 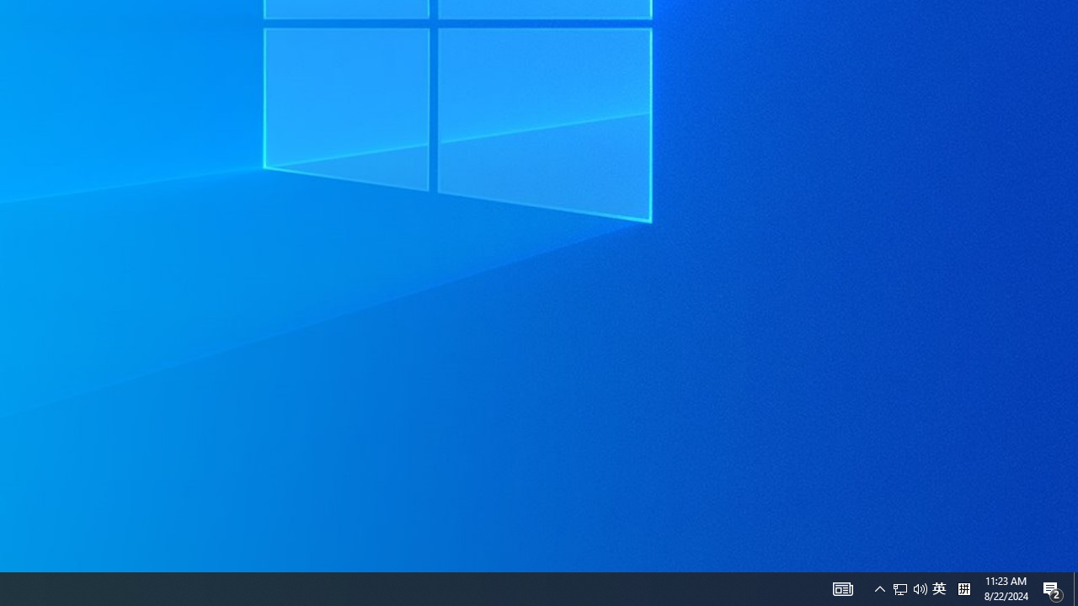 I want to click on 'Tray Input Indicator - Chinese (Simplified, China)', so click(x=909, y=587).